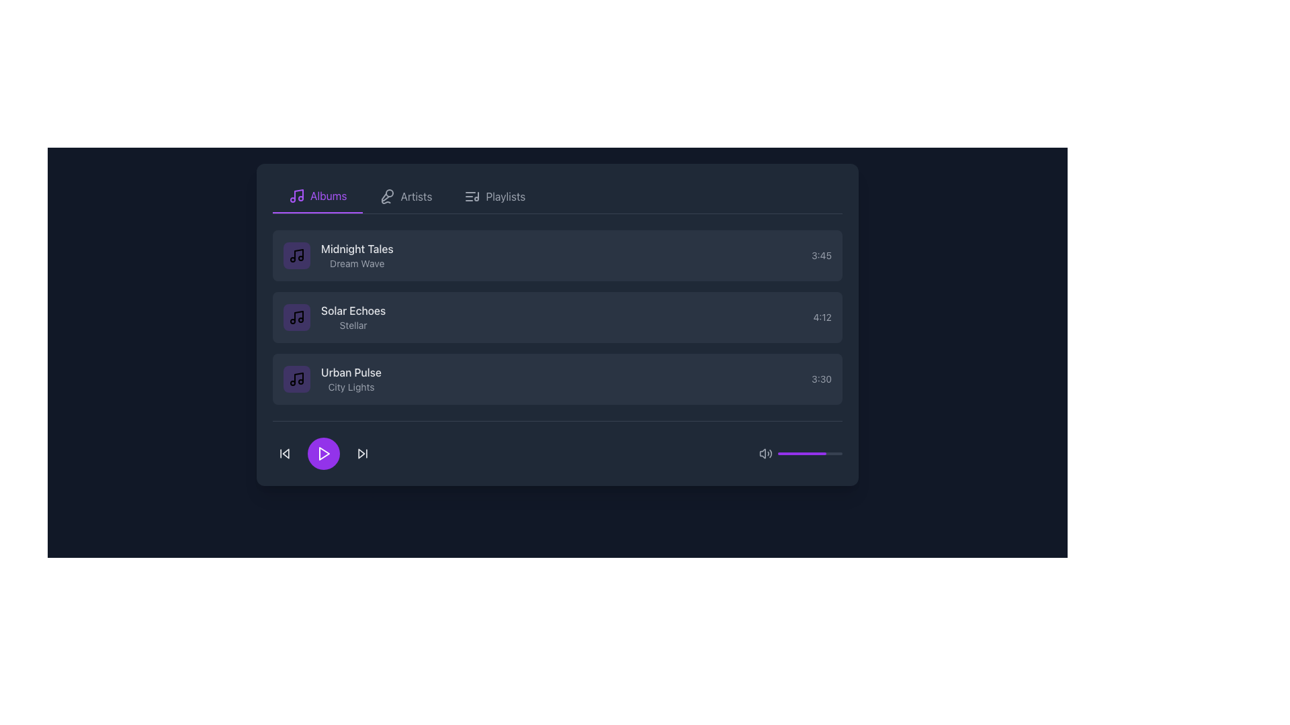  I want to click on the text block displaying the name and description of the music album located in the first row of the Albums section, so click(357, 256).